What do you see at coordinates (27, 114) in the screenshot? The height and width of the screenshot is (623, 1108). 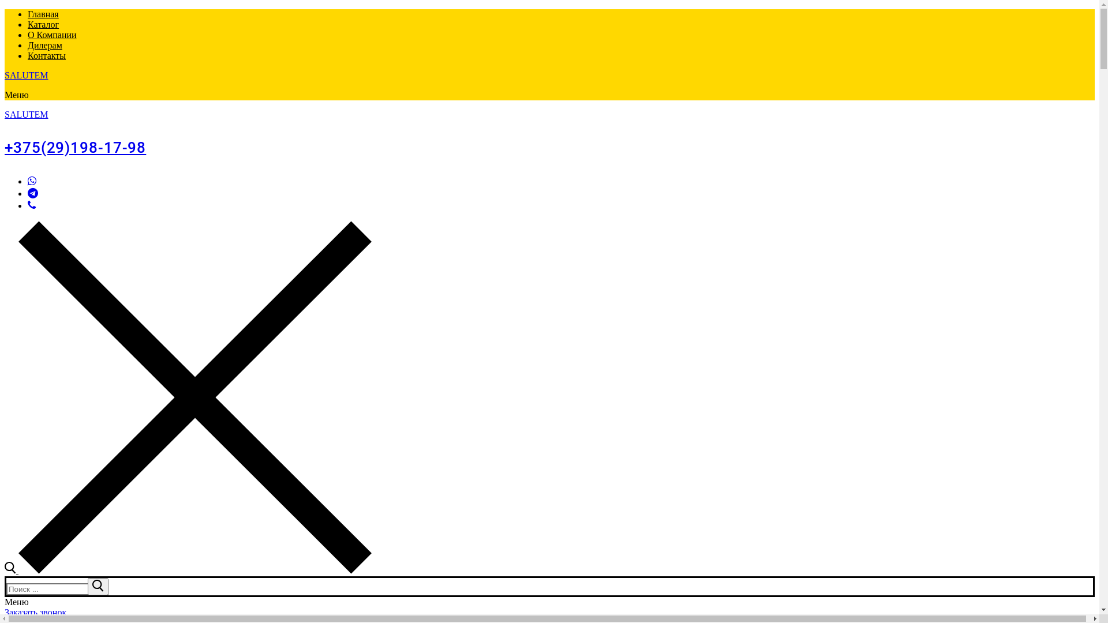 I see `'SALUTEM'` at bounding box center [27, 114].